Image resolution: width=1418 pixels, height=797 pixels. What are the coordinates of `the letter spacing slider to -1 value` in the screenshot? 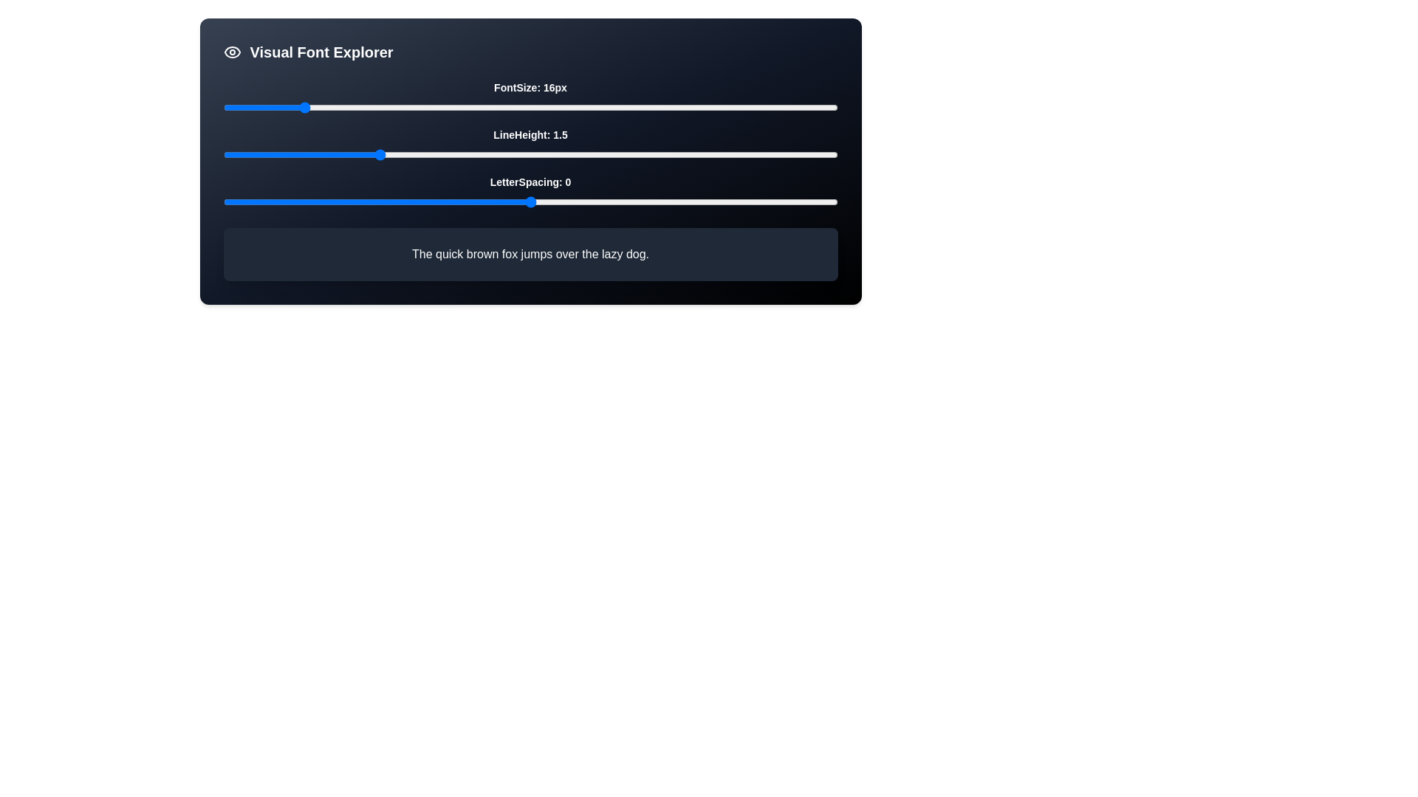 It's located at (468, 201).